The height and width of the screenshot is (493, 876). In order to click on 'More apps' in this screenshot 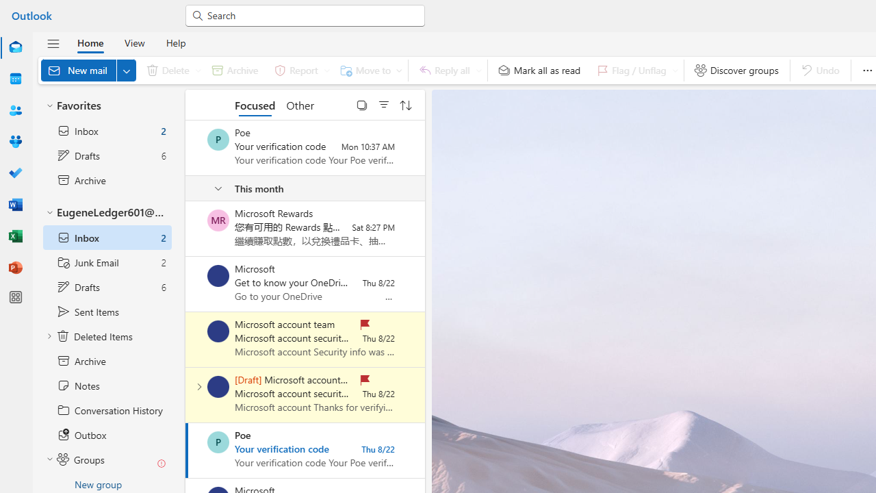, I will do `click(16, 296)`.